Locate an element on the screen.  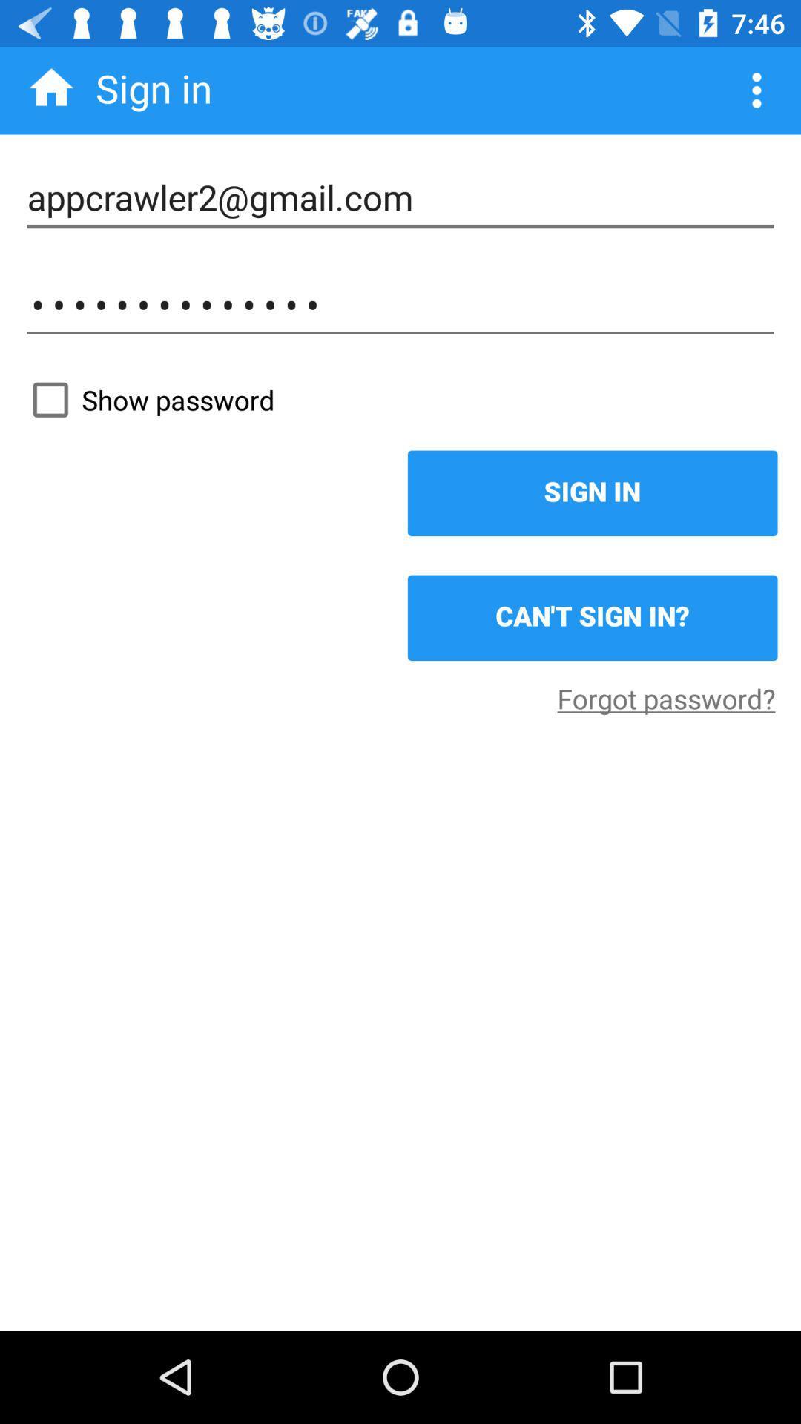
forgot password? icon is located at coordinates (665, 697).